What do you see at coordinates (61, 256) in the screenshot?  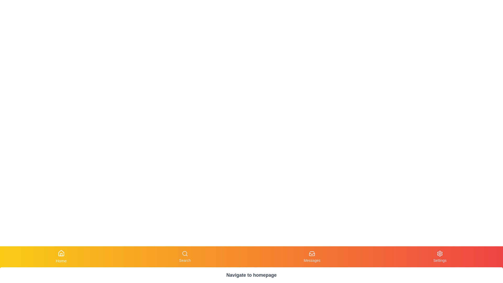 I see `the Home button to observe visual changes` at bounding box center [61, 256].